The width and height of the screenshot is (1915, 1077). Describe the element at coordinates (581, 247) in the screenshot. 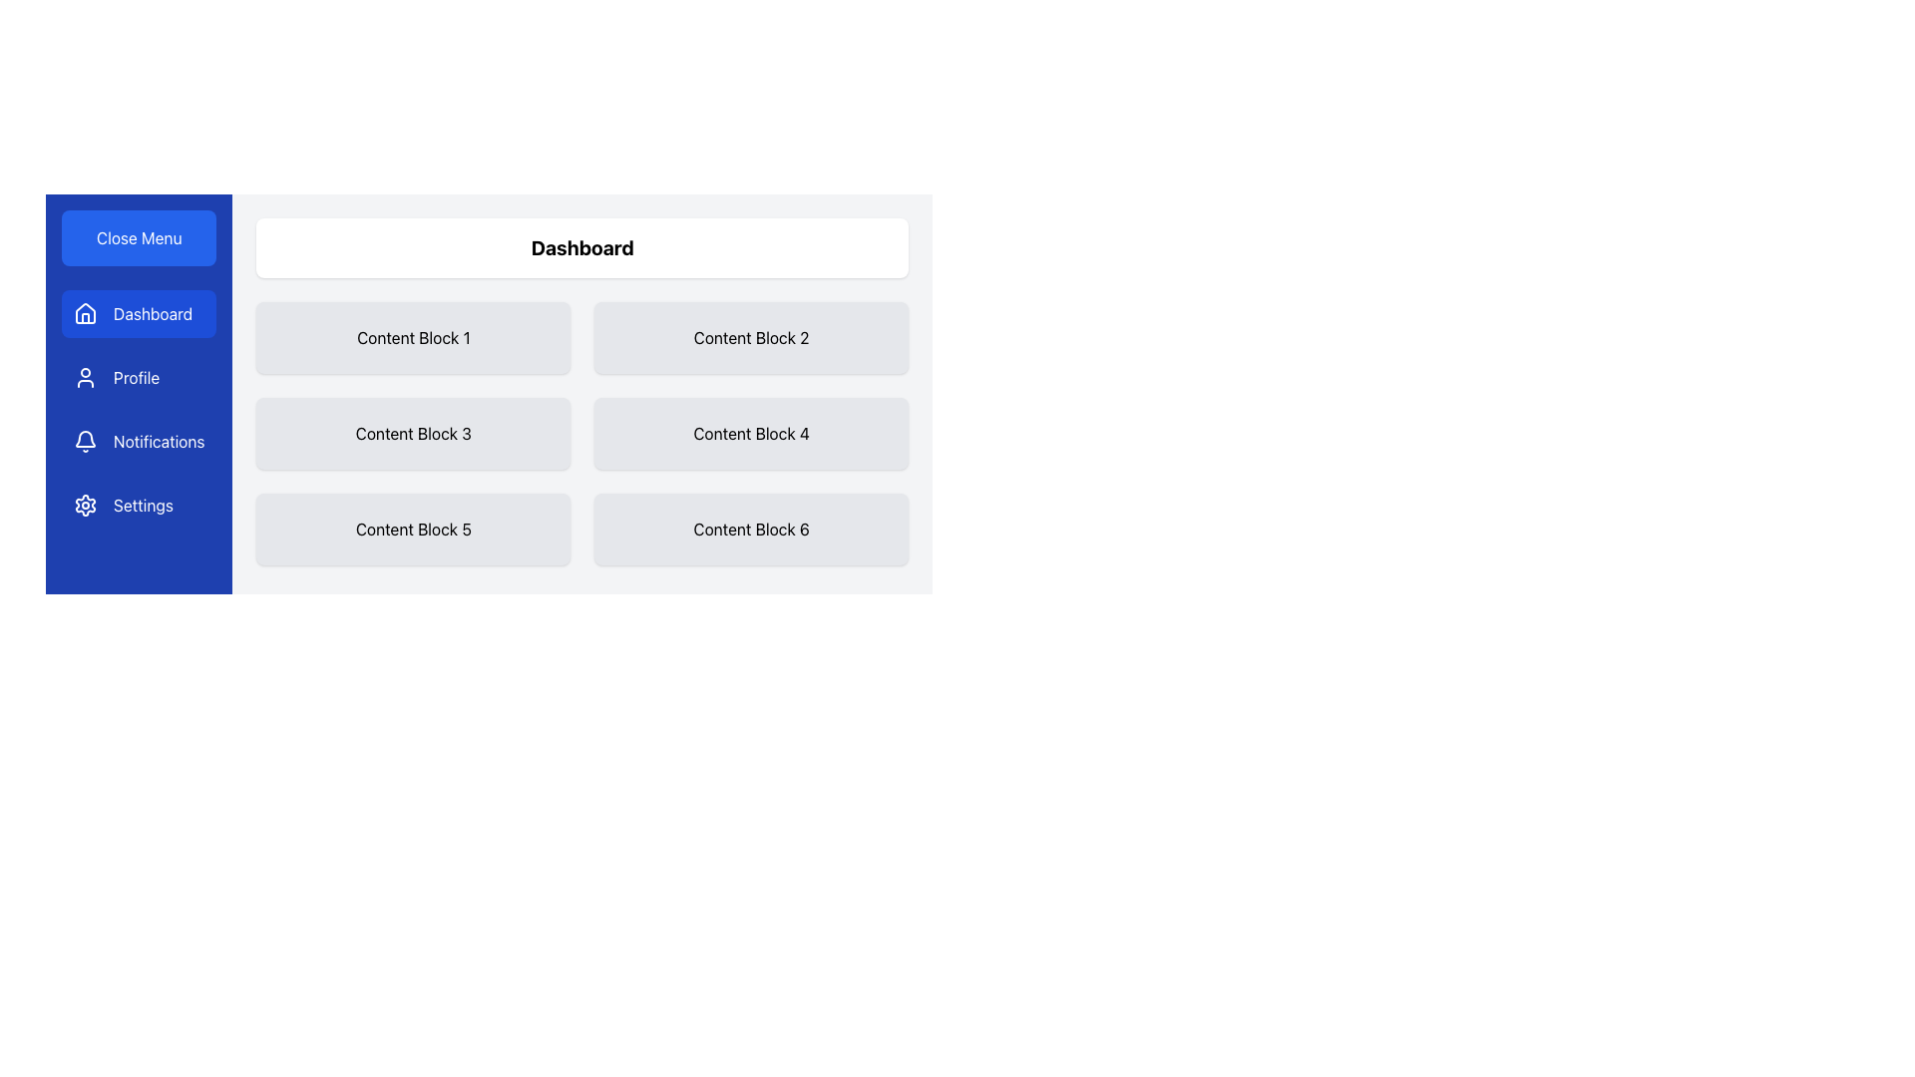

I see `the Header or Title Section which has a white background and displays the text 'Dashboard' in bold and large size, located at the top of the main content area` at that location.